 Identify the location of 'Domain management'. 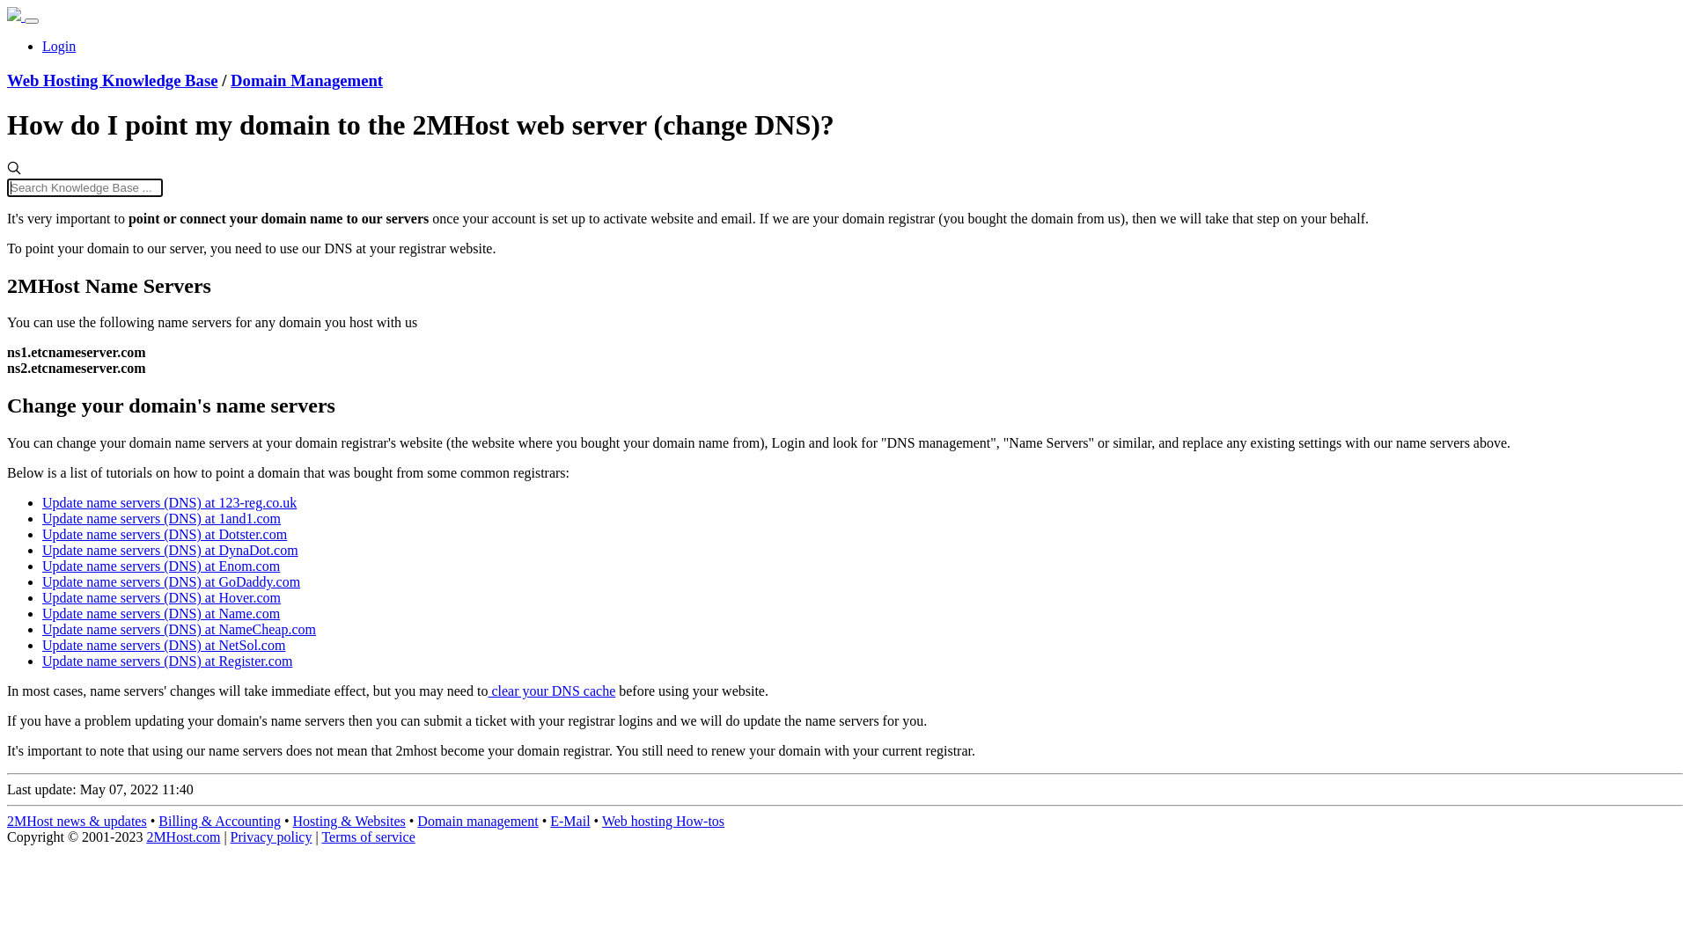
(477, 821).